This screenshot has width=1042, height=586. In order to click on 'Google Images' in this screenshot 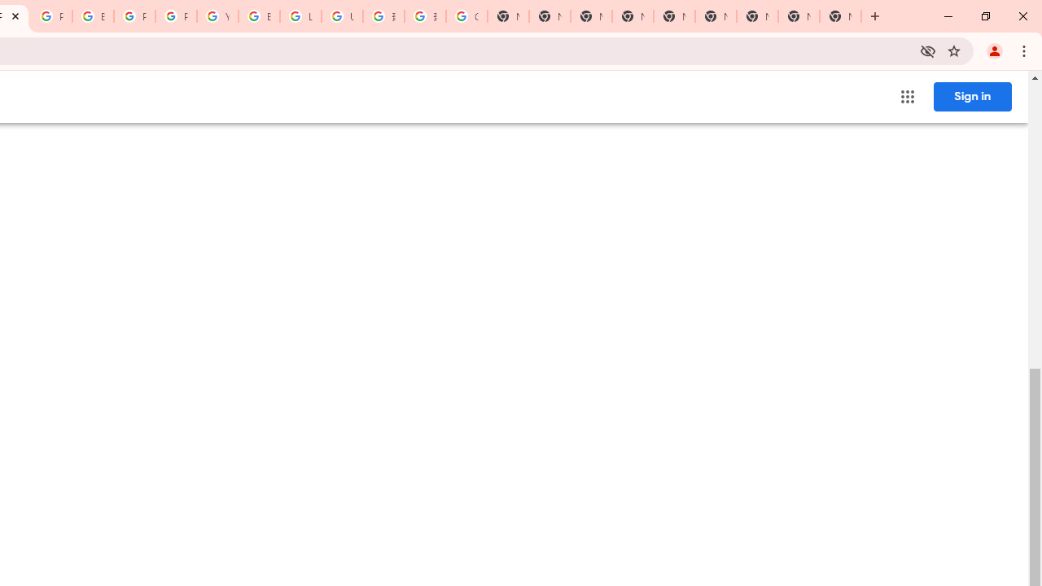, I will do `click(466, 16)`.